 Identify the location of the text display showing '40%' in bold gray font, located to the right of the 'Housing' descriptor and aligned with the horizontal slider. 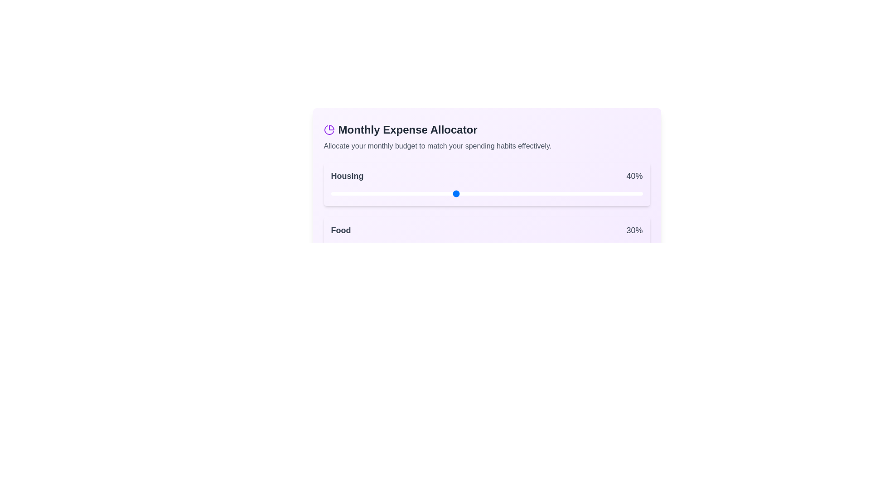
(634, 176).